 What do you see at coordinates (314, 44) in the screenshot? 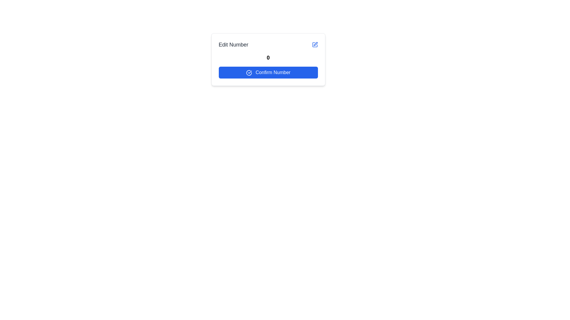
I see `the small blue pencil icon button located at the top-right corner of the 'Edit Number' card` at bounding box center [314, 44].